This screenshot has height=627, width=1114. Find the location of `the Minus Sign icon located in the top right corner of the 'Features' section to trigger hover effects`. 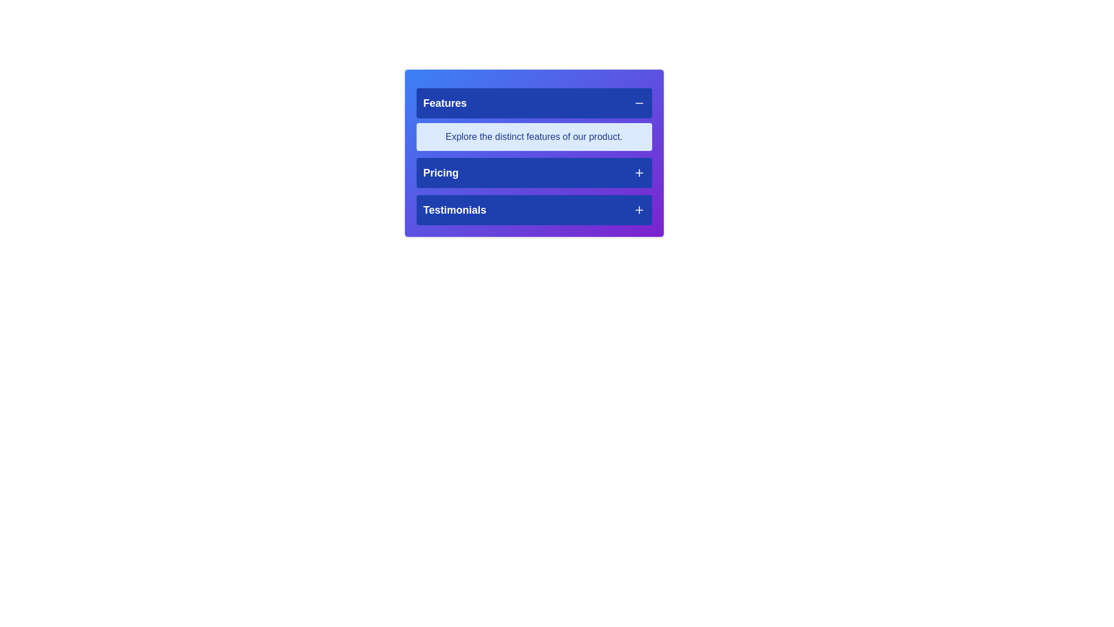

the Minus Sign icon located in the top right corner of the 'Features' section to trigger hover effects is located at coordinates (638, 102).